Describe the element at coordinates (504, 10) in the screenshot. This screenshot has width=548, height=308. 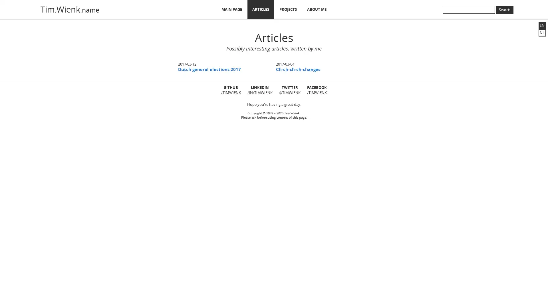
I see `Search` at that location.